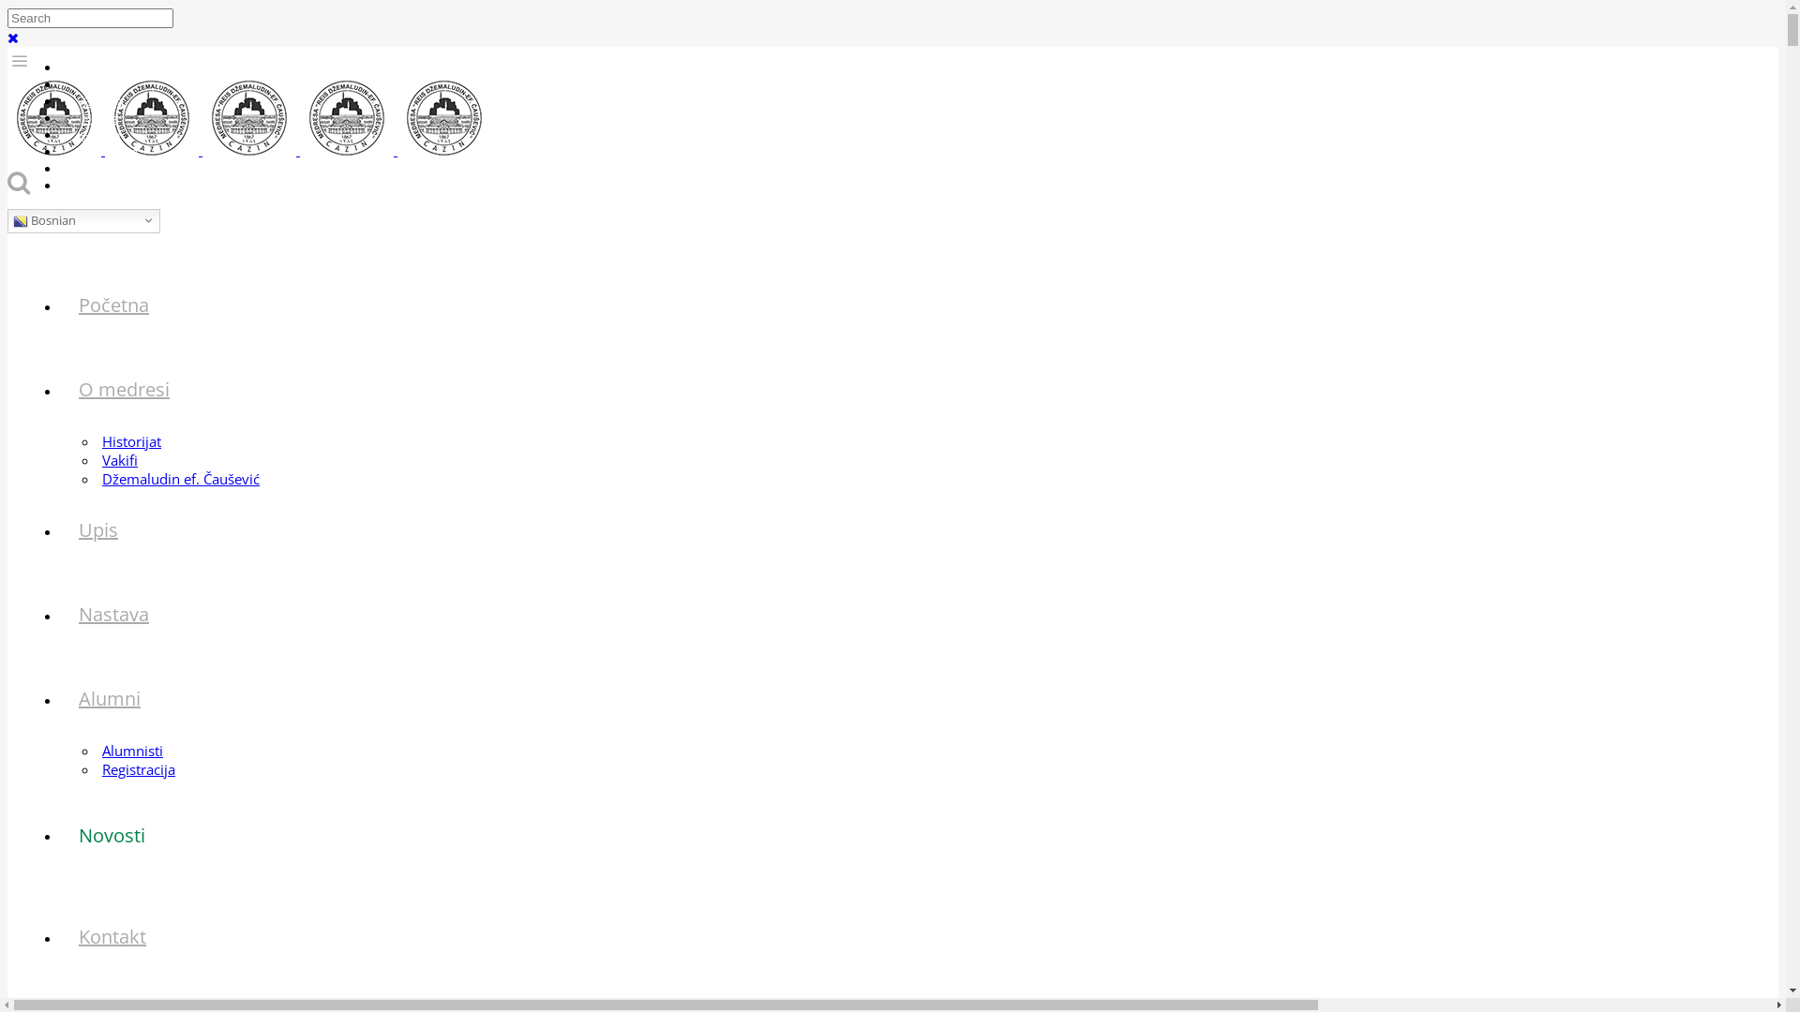 This screenshot has height=1012, width=1800. Describe the element at coordinates (89, 118) in the screenshot. I see `'Hutbe'` at that location.